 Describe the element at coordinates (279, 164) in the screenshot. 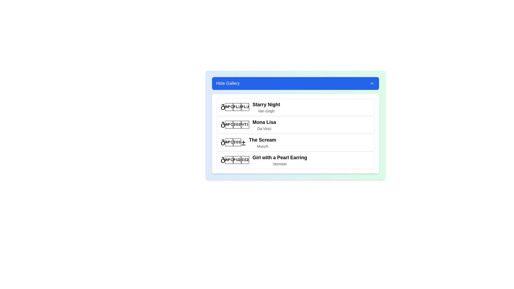

I see `text element 'Vermeer' which is styled in a smaller font size and light gray color, located beneath the title 'Girl with a Pearl Earring'` at that location.